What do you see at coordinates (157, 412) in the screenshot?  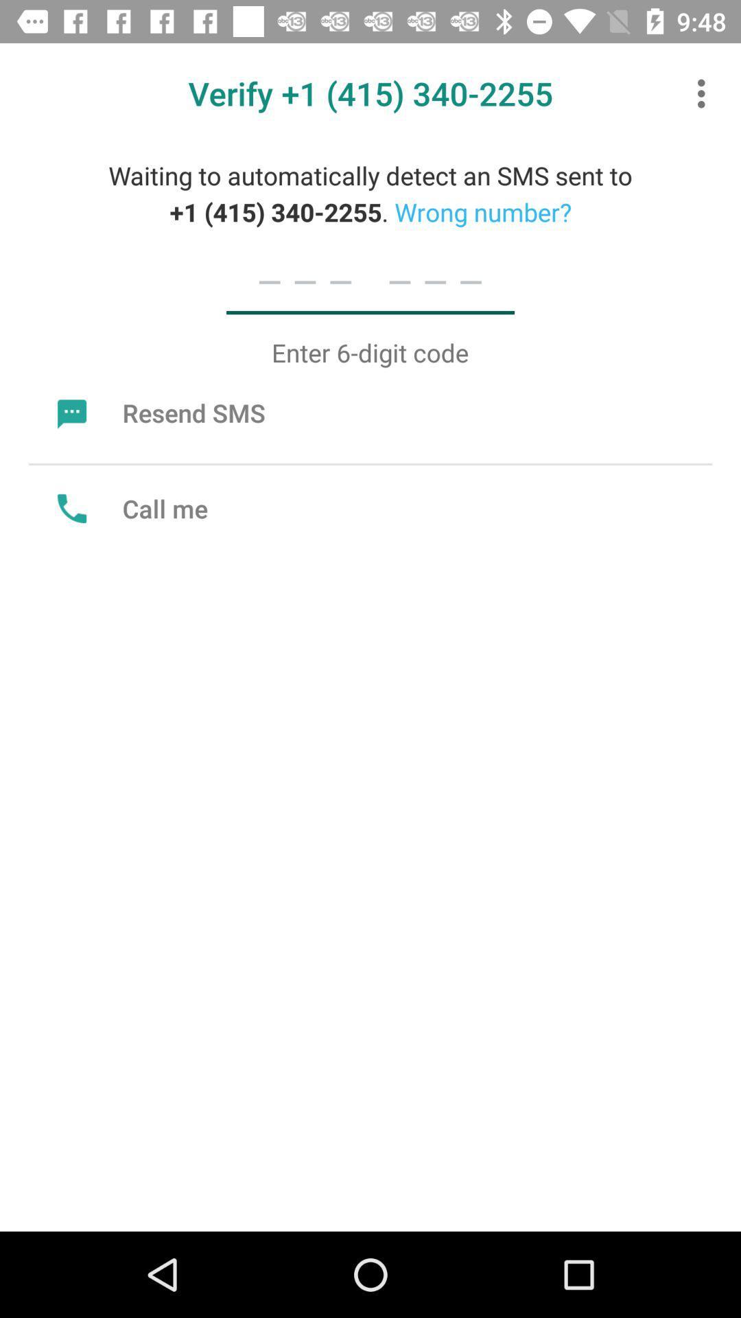 I see `item at the top left corner` at bounding box center [157, 412].